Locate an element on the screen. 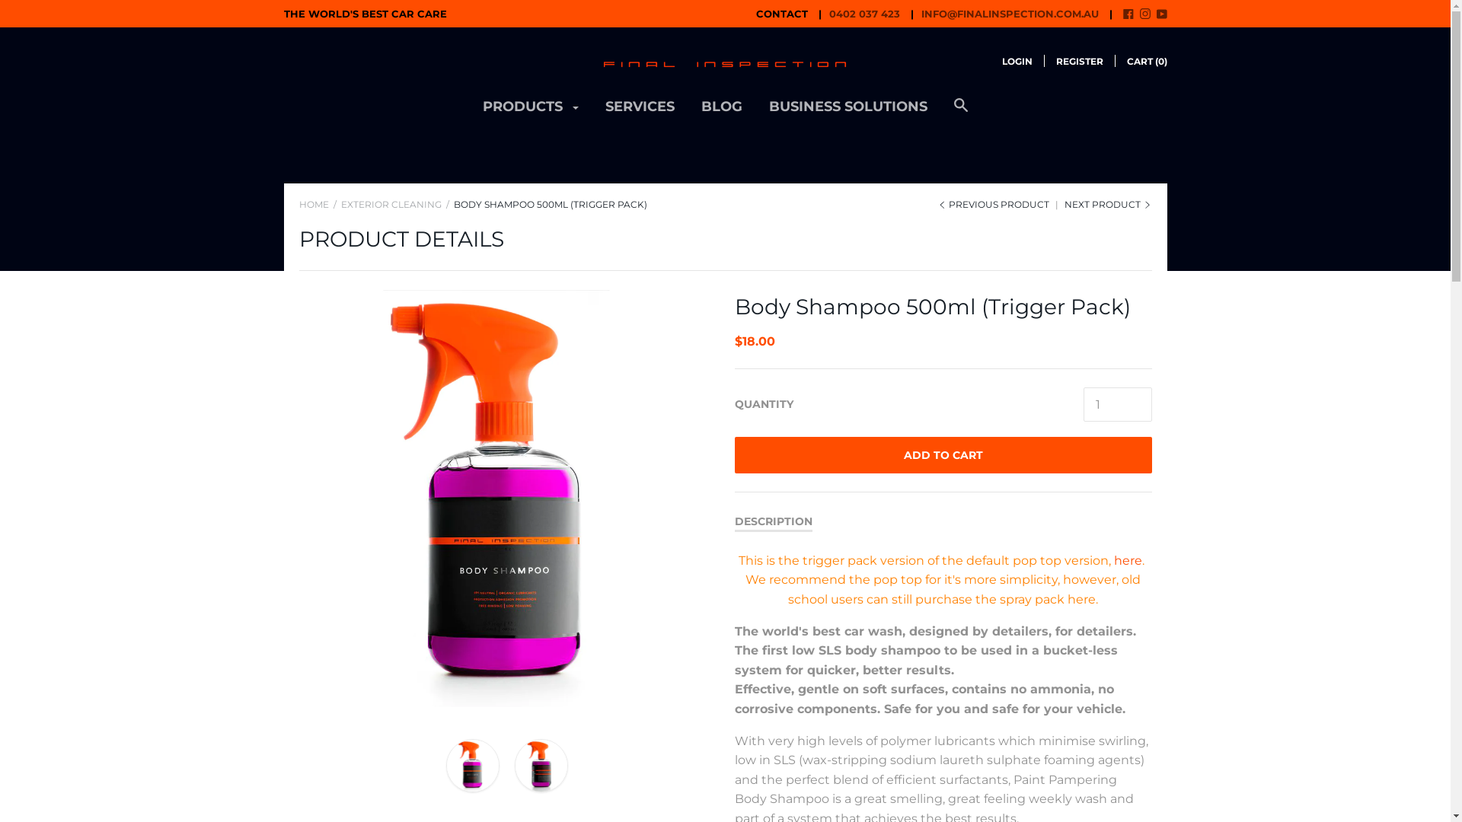  'NEXT PRODUCT' is located at coordinates (1108, 203).